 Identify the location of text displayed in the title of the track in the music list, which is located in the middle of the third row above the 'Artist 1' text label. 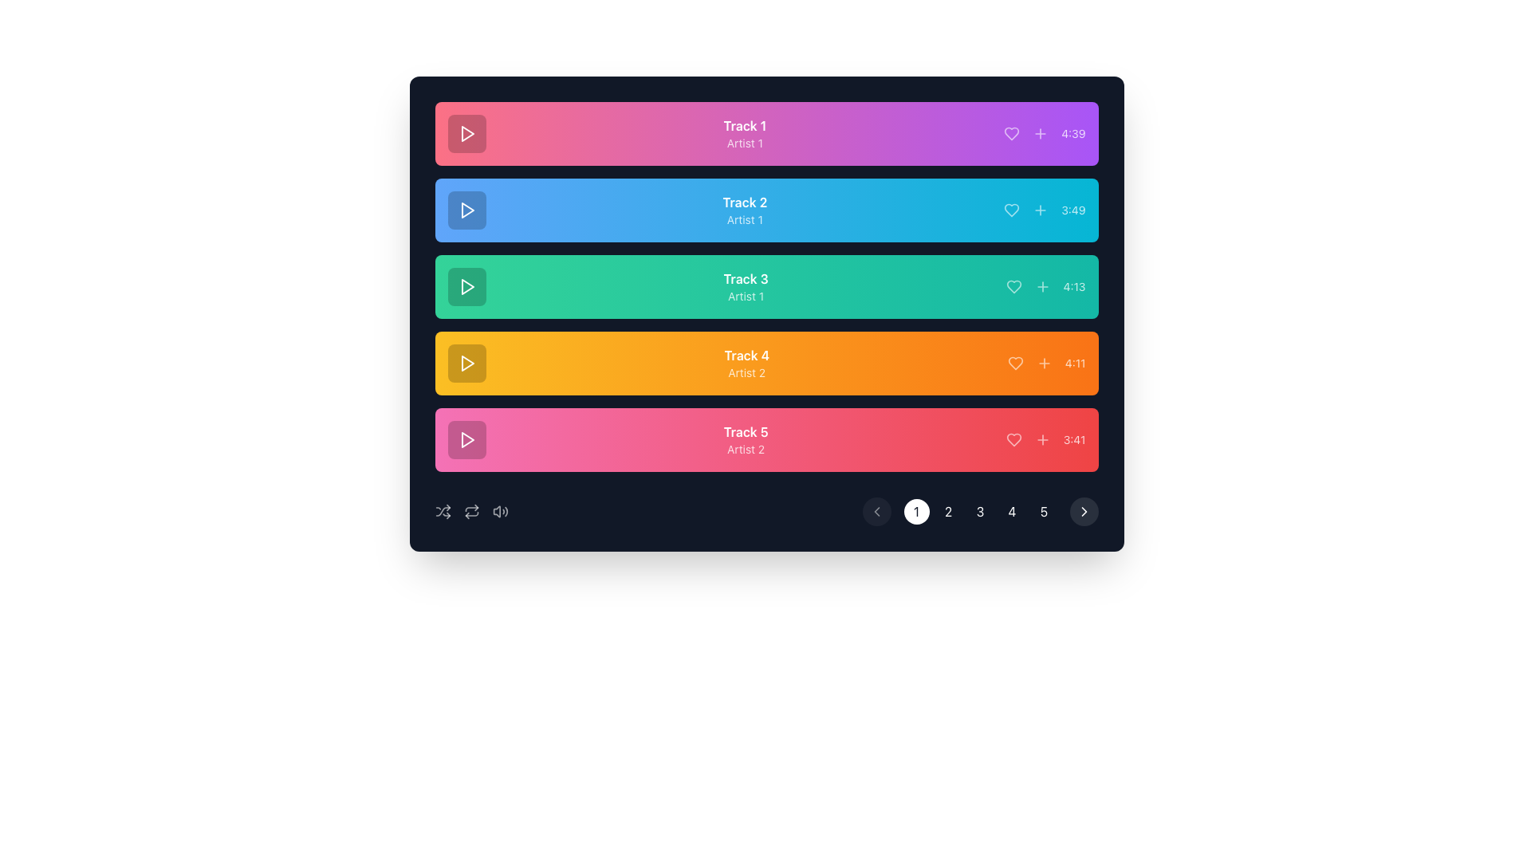
(745, 278).